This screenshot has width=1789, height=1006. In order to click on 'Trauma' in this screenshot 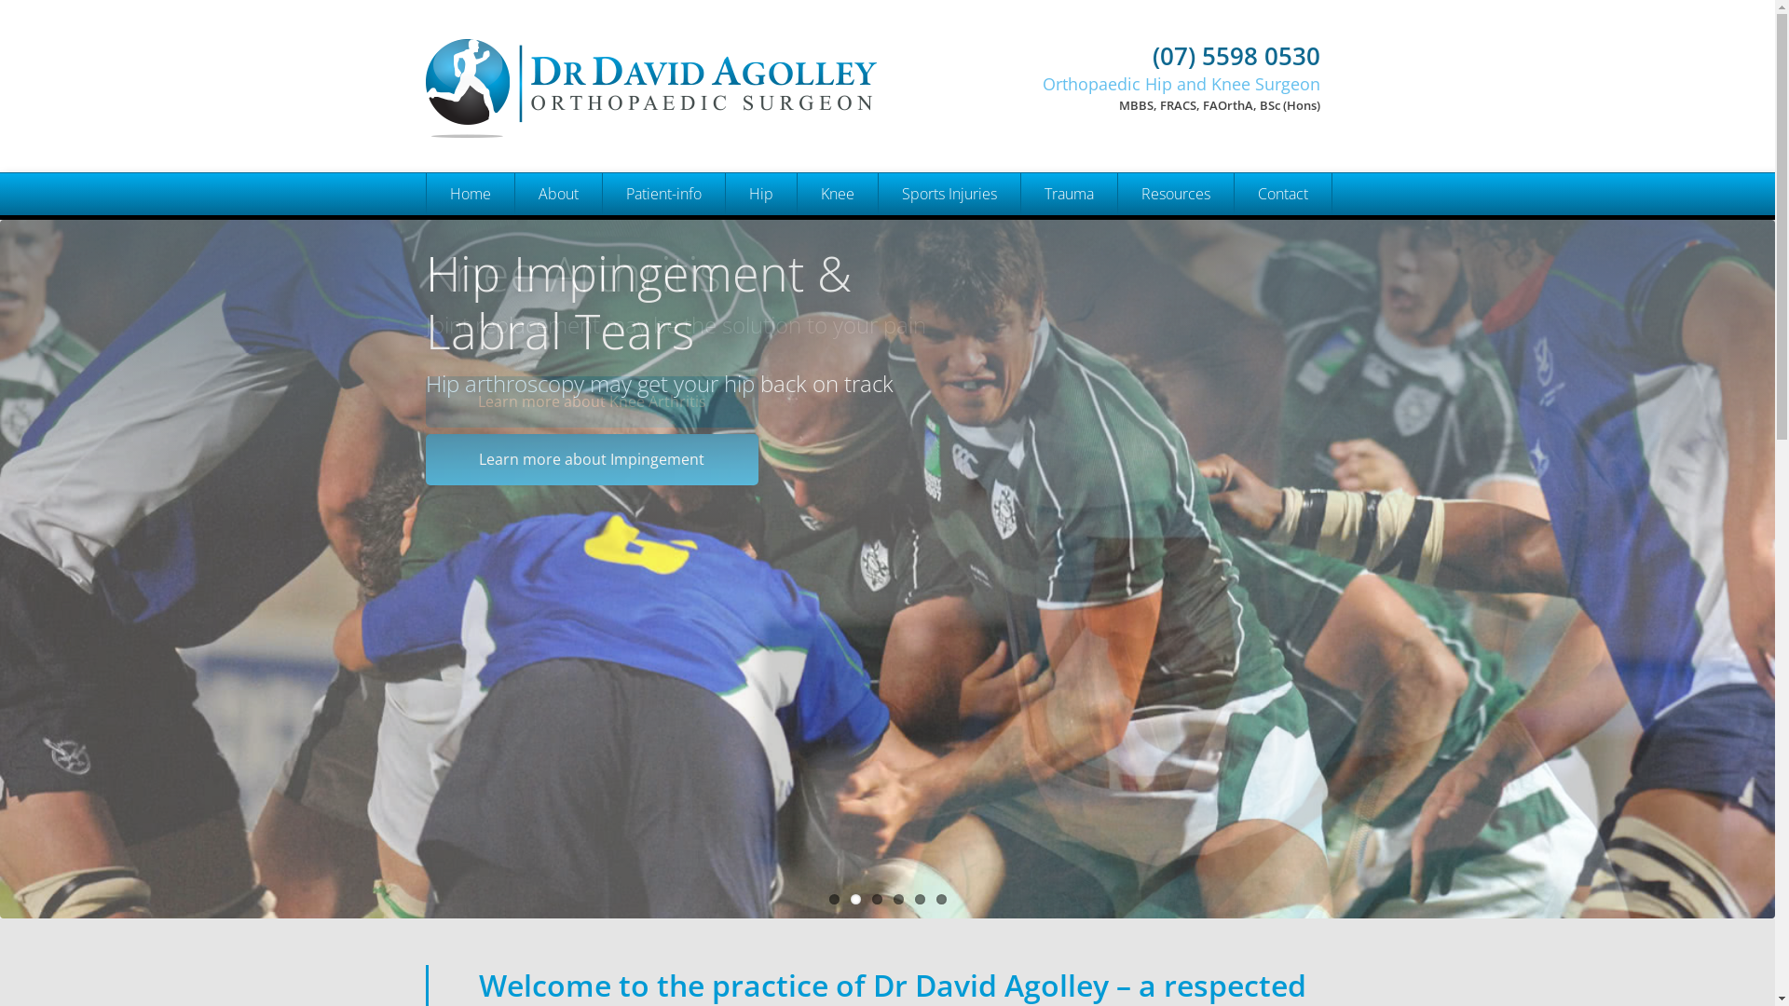, I will do `click(1068, 194)`.